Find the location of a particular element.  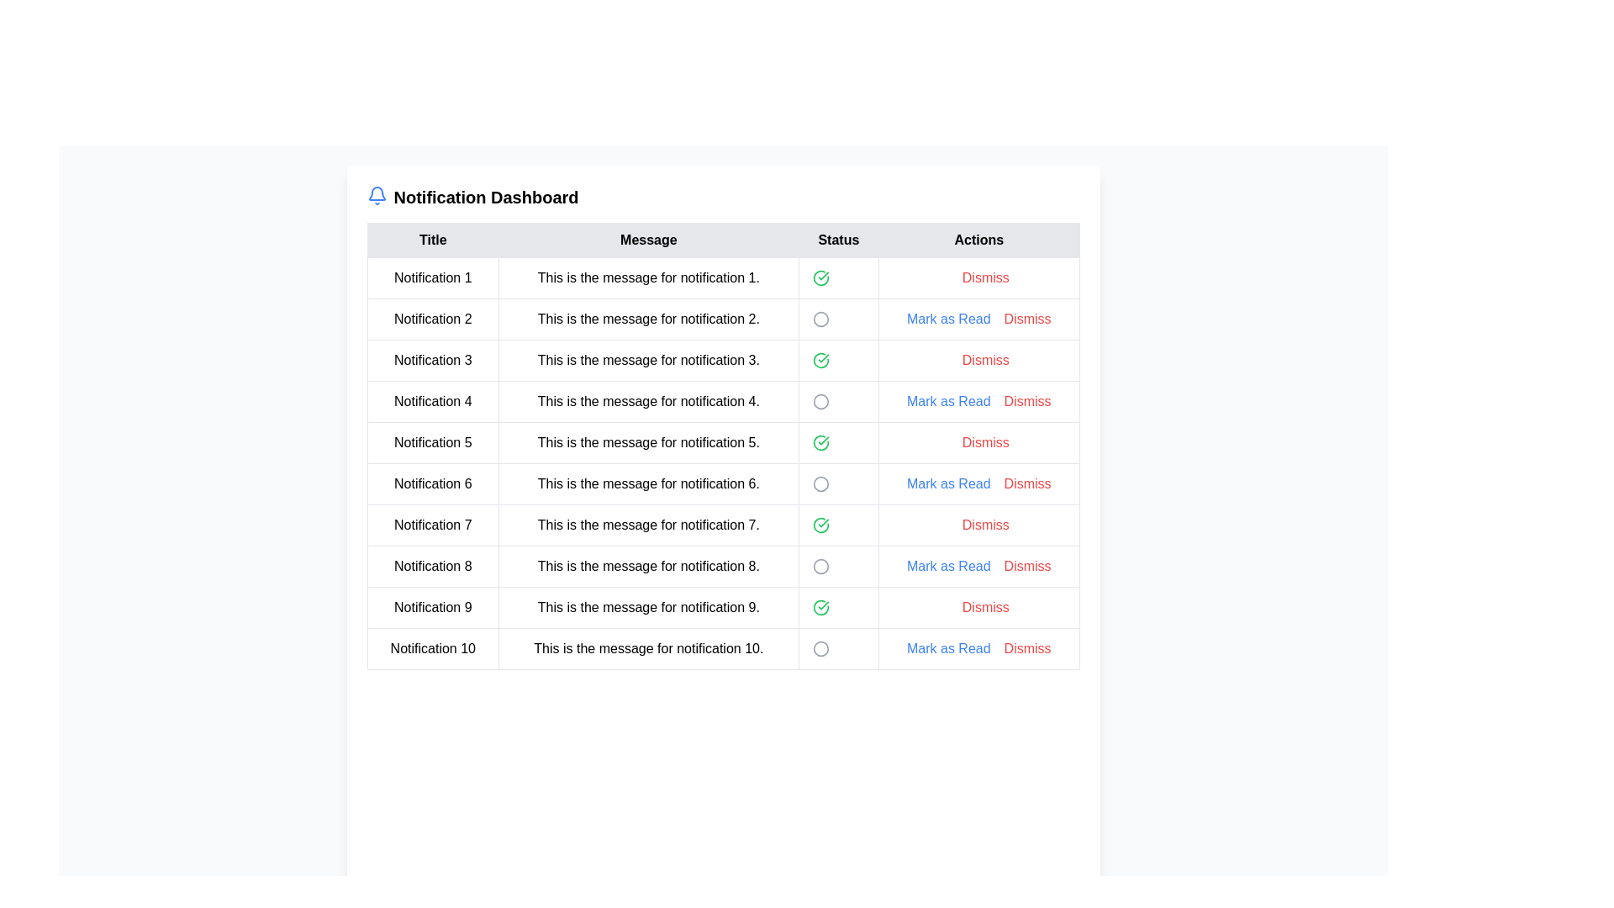

the table row displaying 'Notification 9' in the Notification Dashboard section is located at coordinates (723, 607).